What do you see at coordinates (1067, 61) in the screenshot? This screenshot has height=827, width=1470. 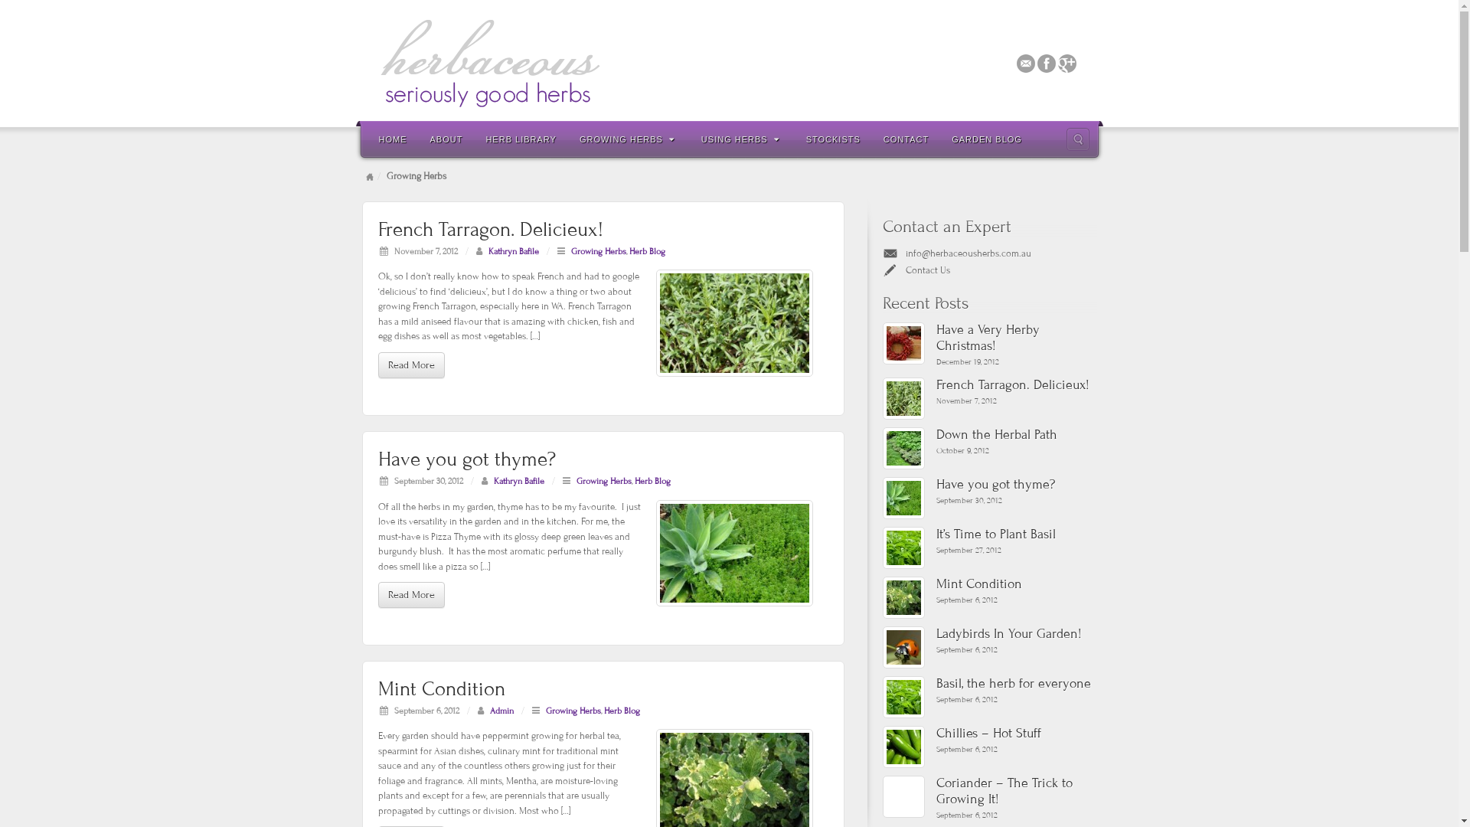 I see `'Google+'` at bounding box center [1067, 61].